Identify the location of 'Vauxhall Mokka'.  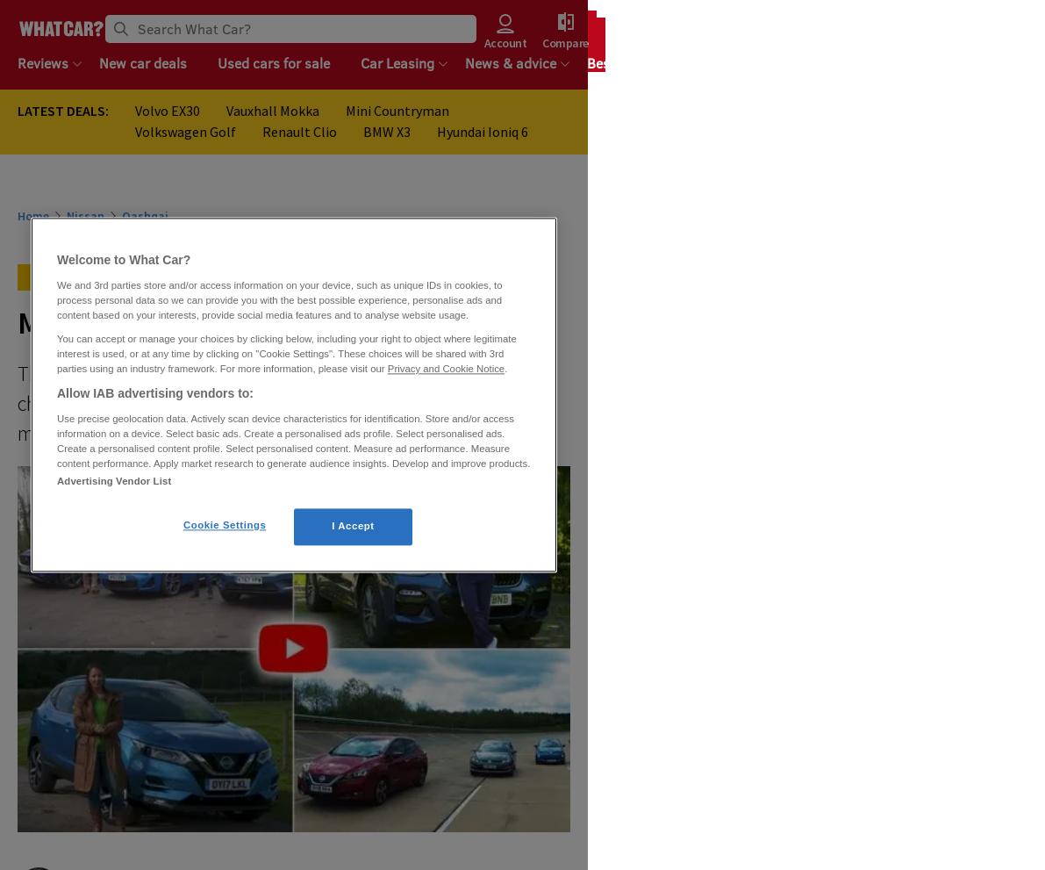
(225, 109).